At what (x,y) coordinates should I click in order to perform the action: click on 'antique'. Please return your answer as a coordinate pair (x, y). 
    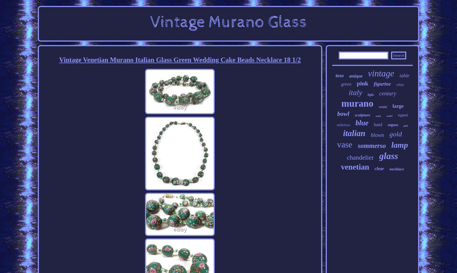
    Looking at the image, I should click on (355, 76).